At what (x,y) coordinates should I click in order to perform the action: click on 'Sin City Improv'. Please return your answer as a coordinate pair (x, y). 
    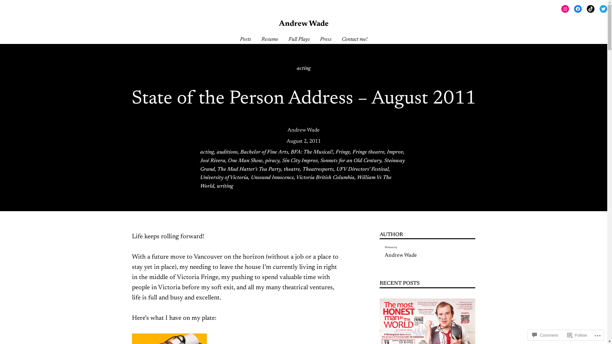
    Looking at the image, I should click on (281, 161).